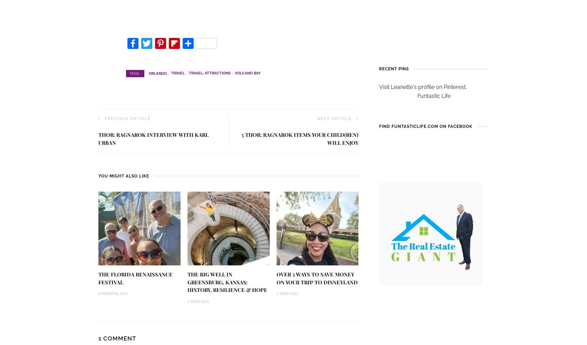 This screenshot has height=345, width=587. I want to click on 'Twitter', so click(157, 59).